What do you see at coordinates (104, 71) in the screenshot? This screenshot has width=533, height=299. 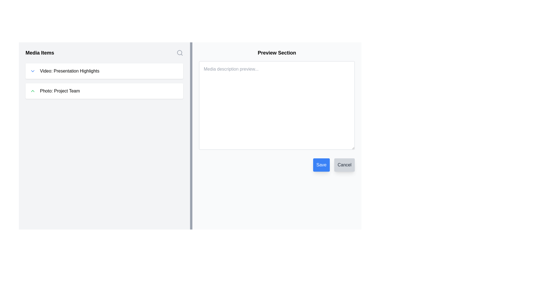 I see `on the collapsible entry labeled 'Video: Presentation Highlights' which is the first item in the media list` at bounding box center [104, 71].